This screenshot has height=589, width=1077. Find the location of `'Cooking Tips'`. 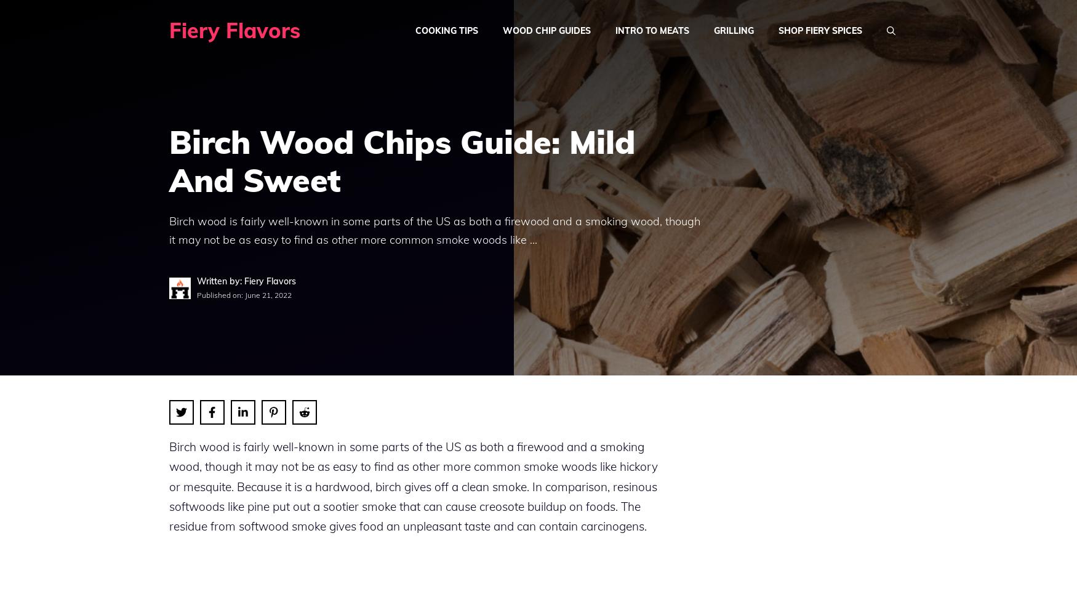

'Cooking Tips' is located at coordinates (447, 30).